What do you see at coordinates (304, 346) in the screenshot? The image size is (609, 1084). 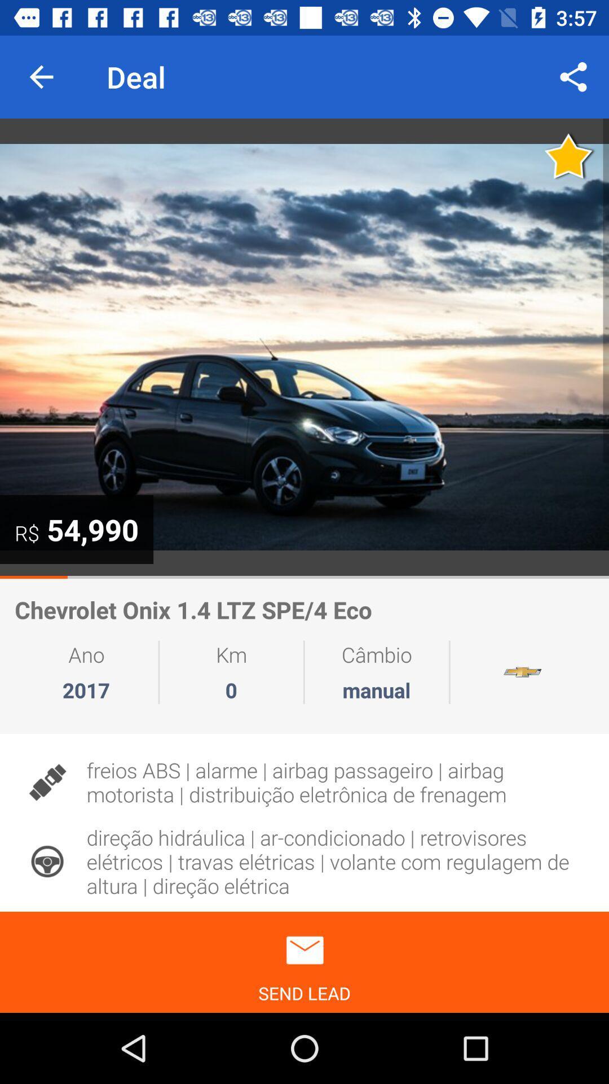 I see `press to expand` at bounding box center [304, 346].